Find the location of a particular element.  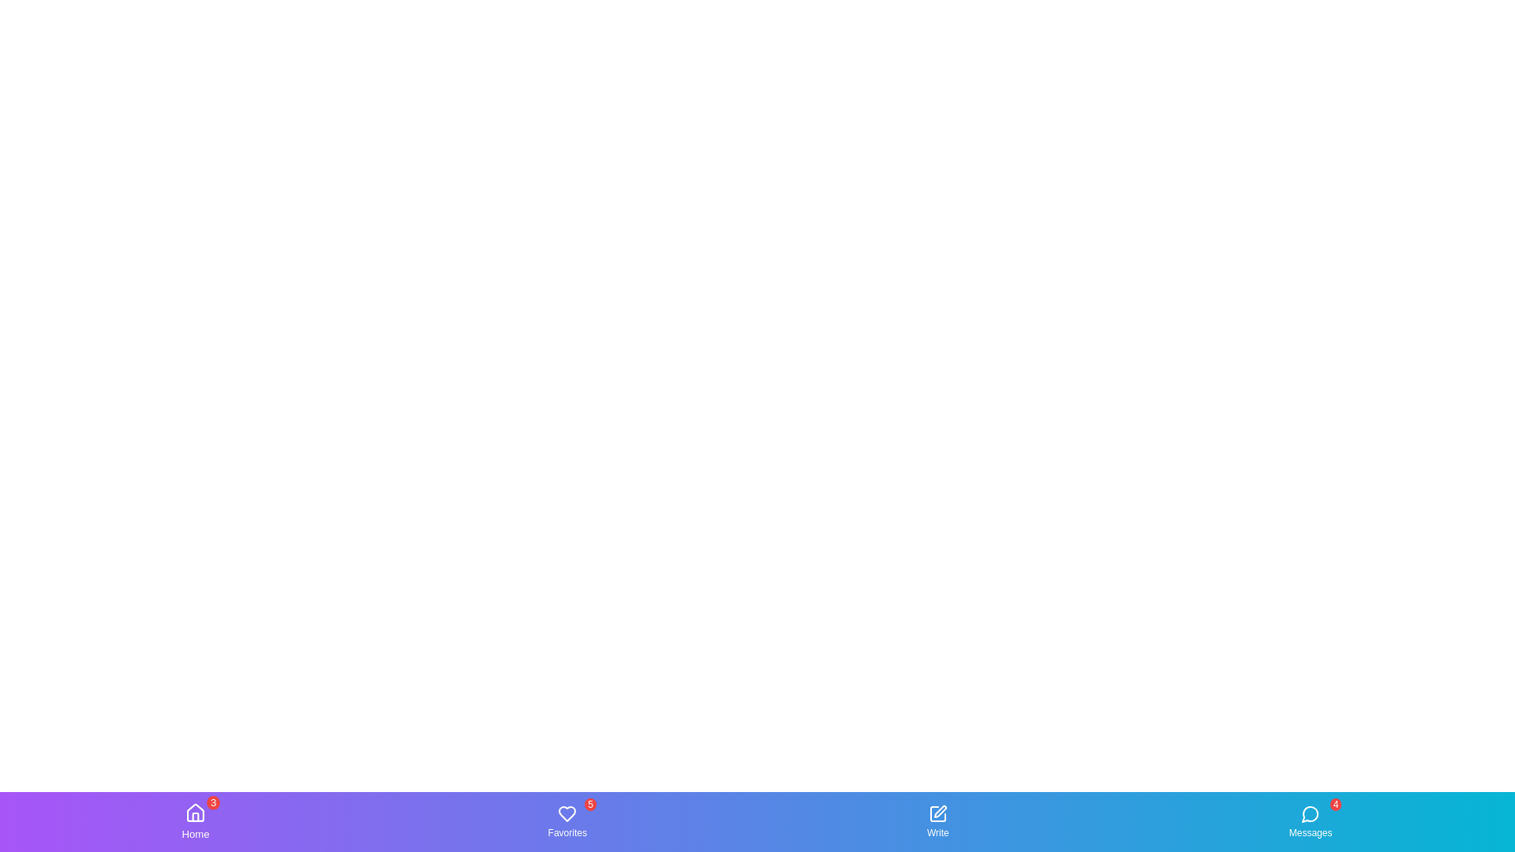

the Messages tab by clicking on its icon or label is located at coordinates (1311, 820).